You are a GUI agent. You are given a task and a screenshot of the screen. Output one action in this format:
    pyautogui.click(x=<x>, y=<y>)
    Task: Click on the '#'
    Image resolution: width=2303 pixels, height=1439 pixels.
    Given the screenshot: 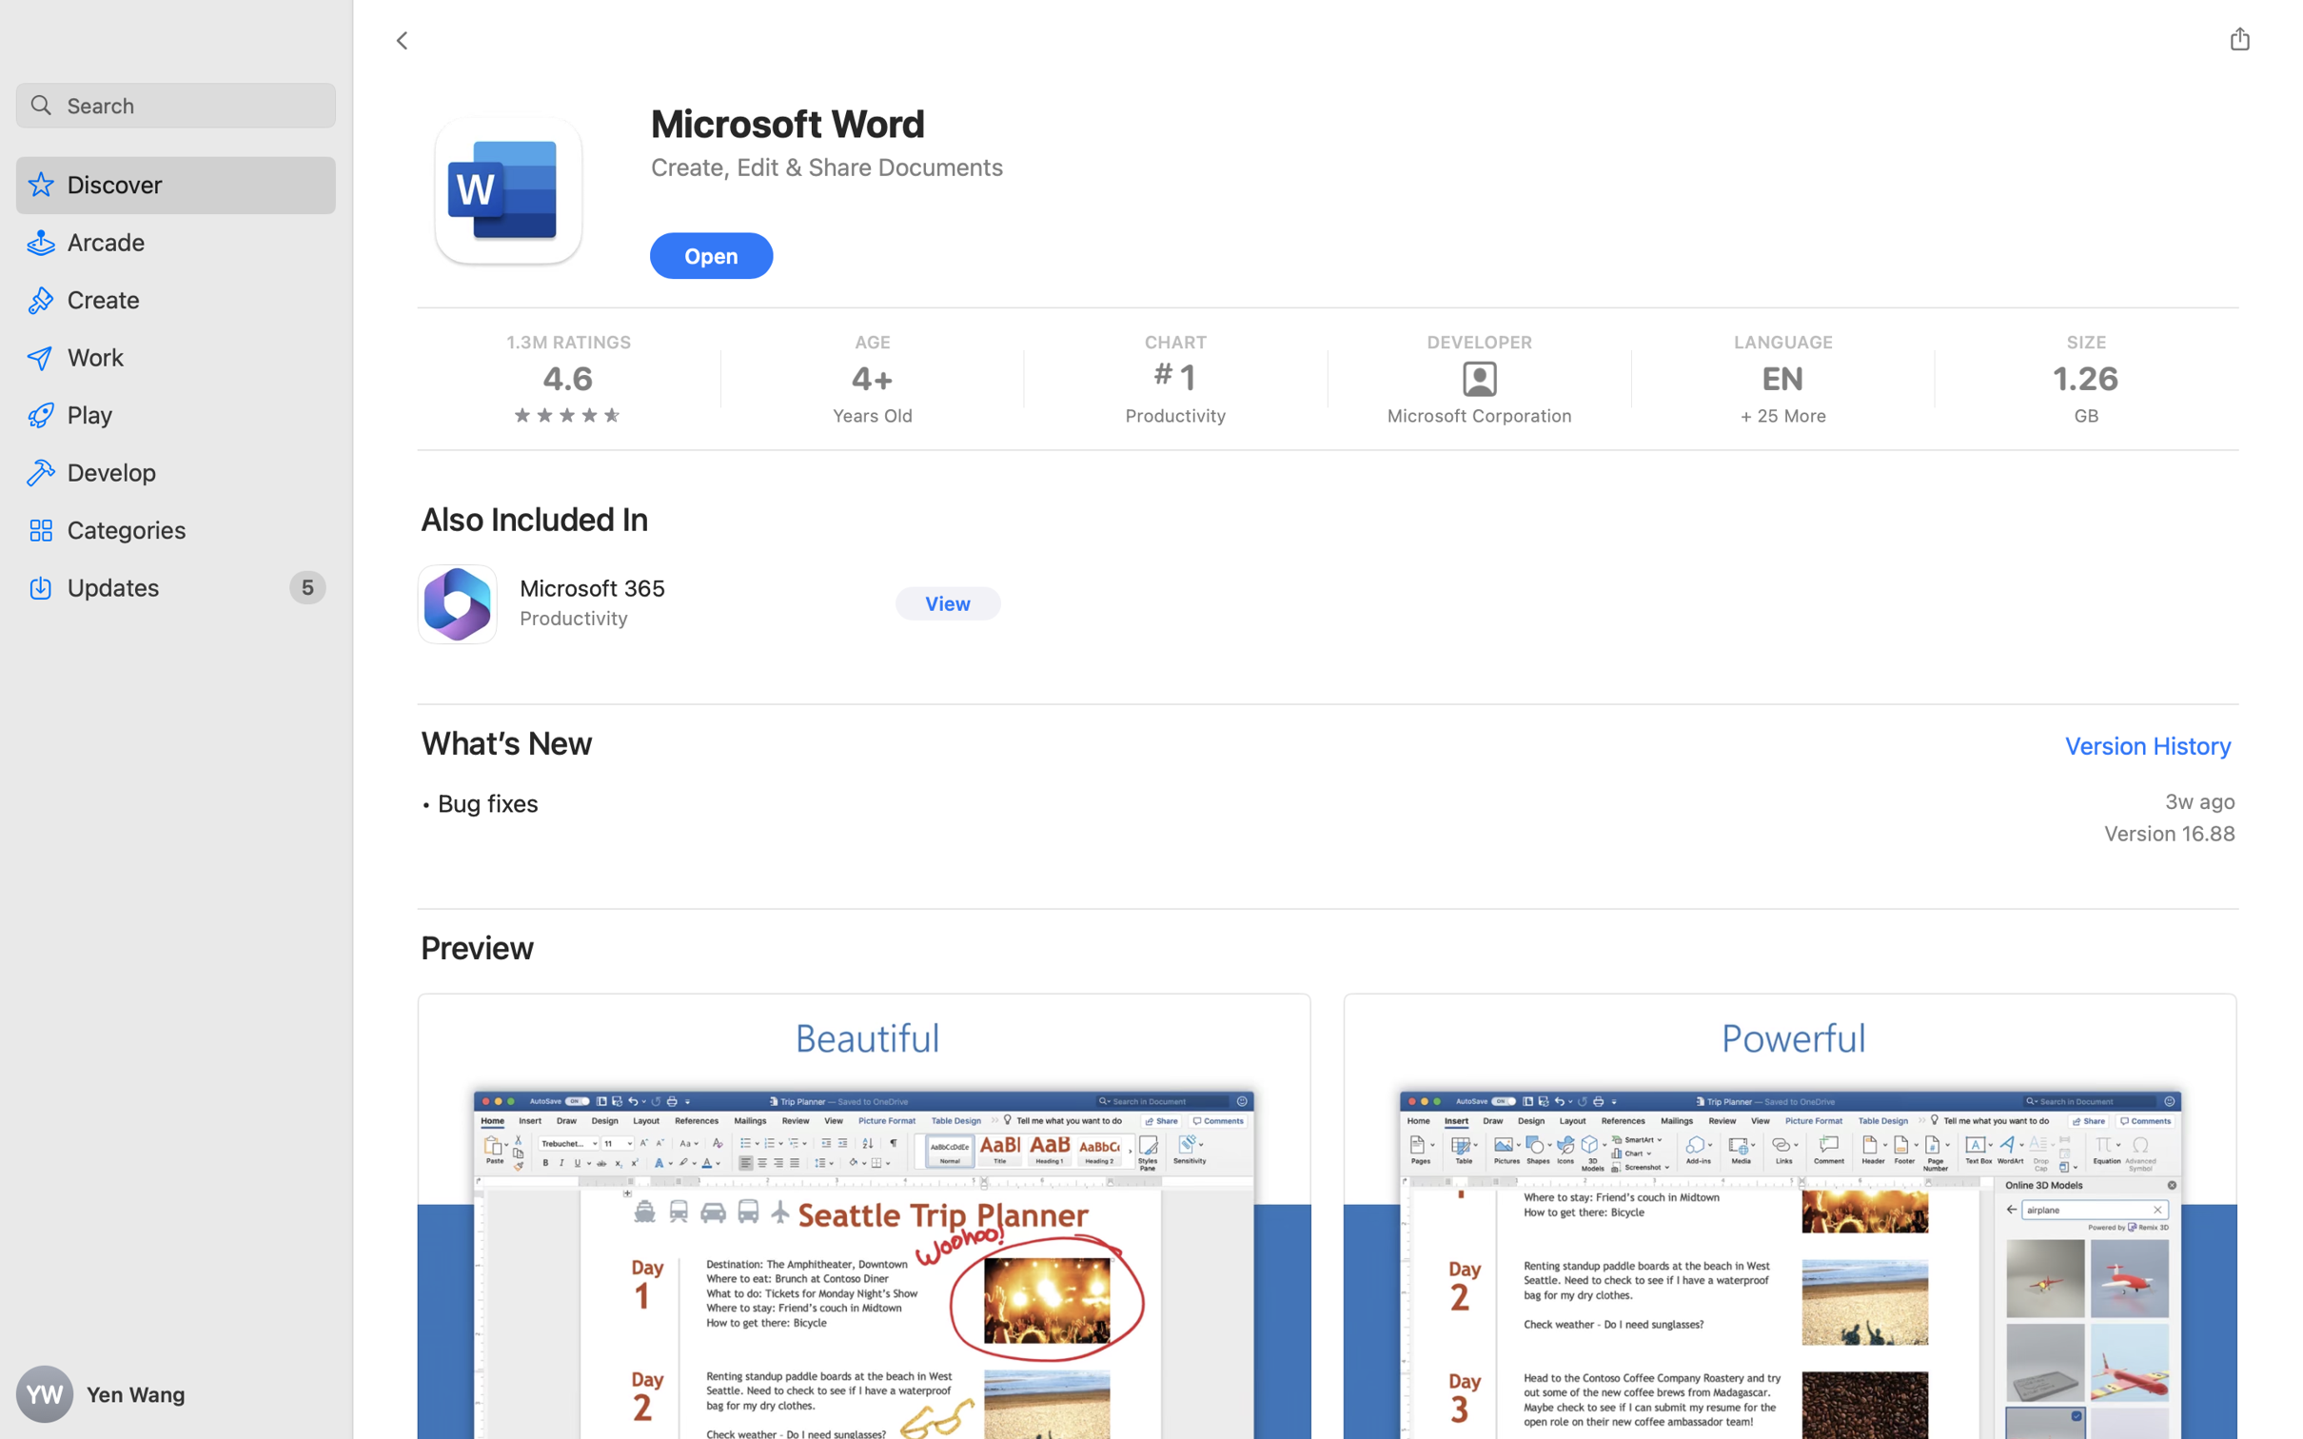 What is the action you would take?
    pyautogui.click(x=1162, y=372)
    